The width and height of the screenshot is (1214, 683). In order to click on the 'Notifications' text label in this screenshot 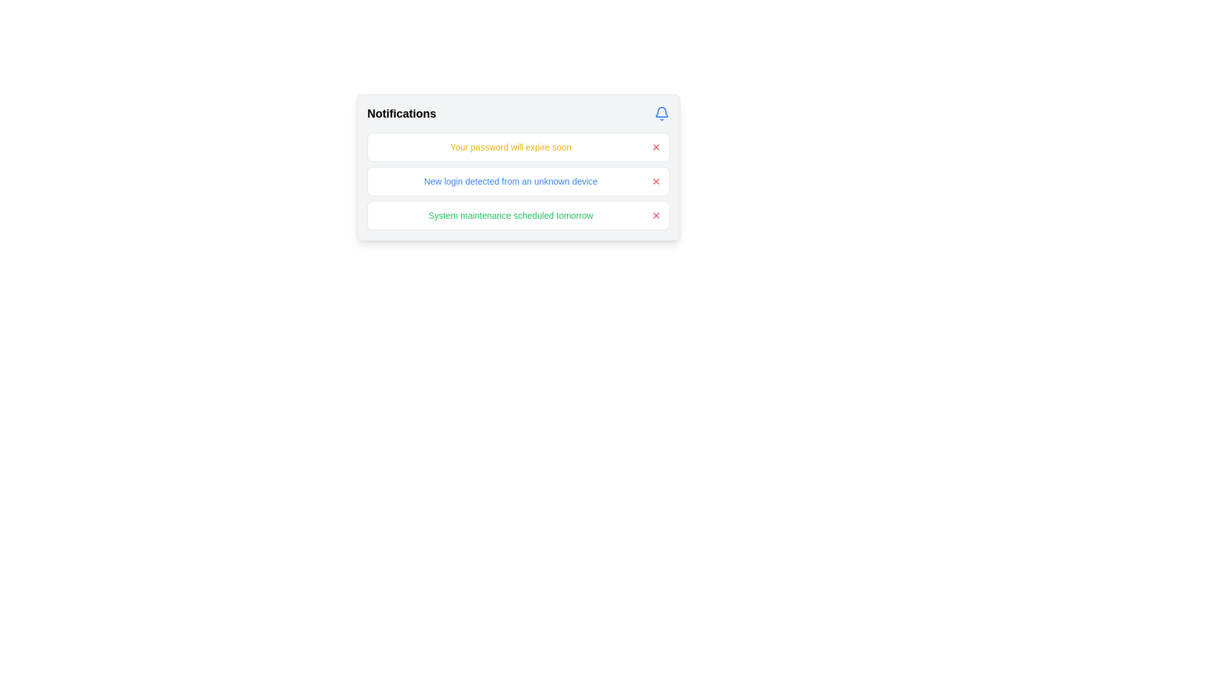, I will do `click(401, 114)`.